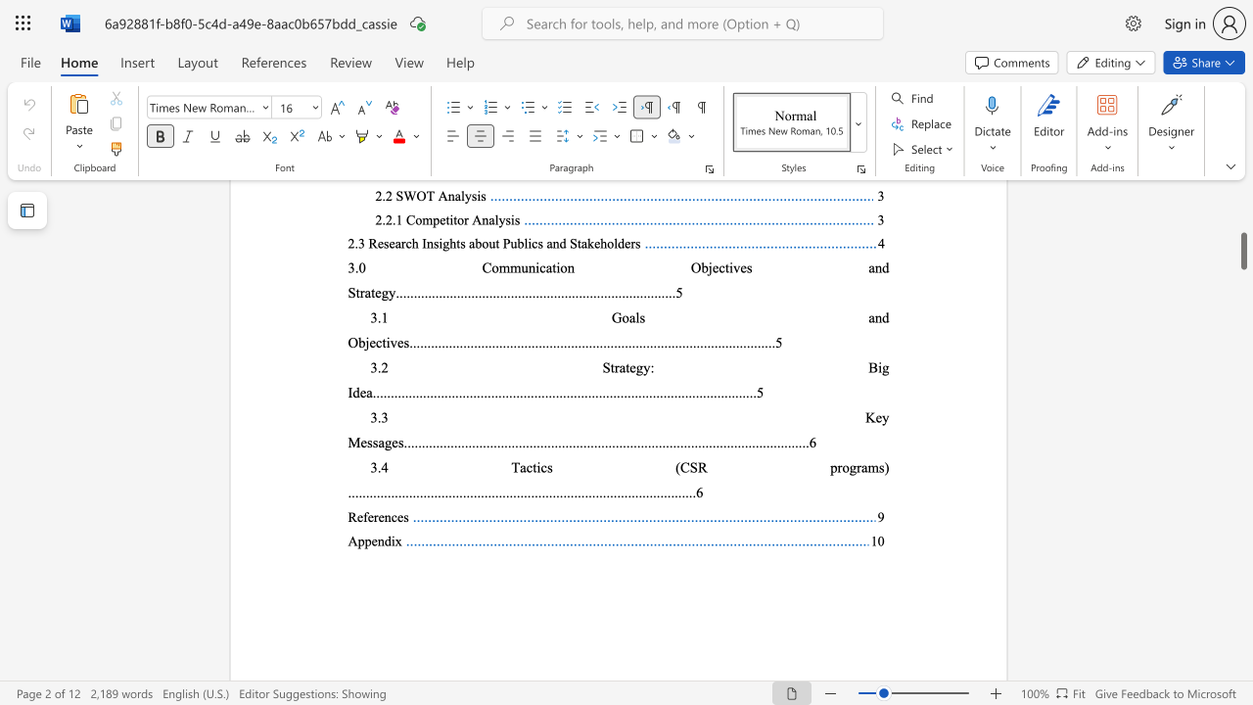 The width and height of the screenshot is (1253, 705). Describe the element at coordinates (545, 491) in the screenshot. I see `the subset text ".............." within the text "................................................................................................."` at that location.